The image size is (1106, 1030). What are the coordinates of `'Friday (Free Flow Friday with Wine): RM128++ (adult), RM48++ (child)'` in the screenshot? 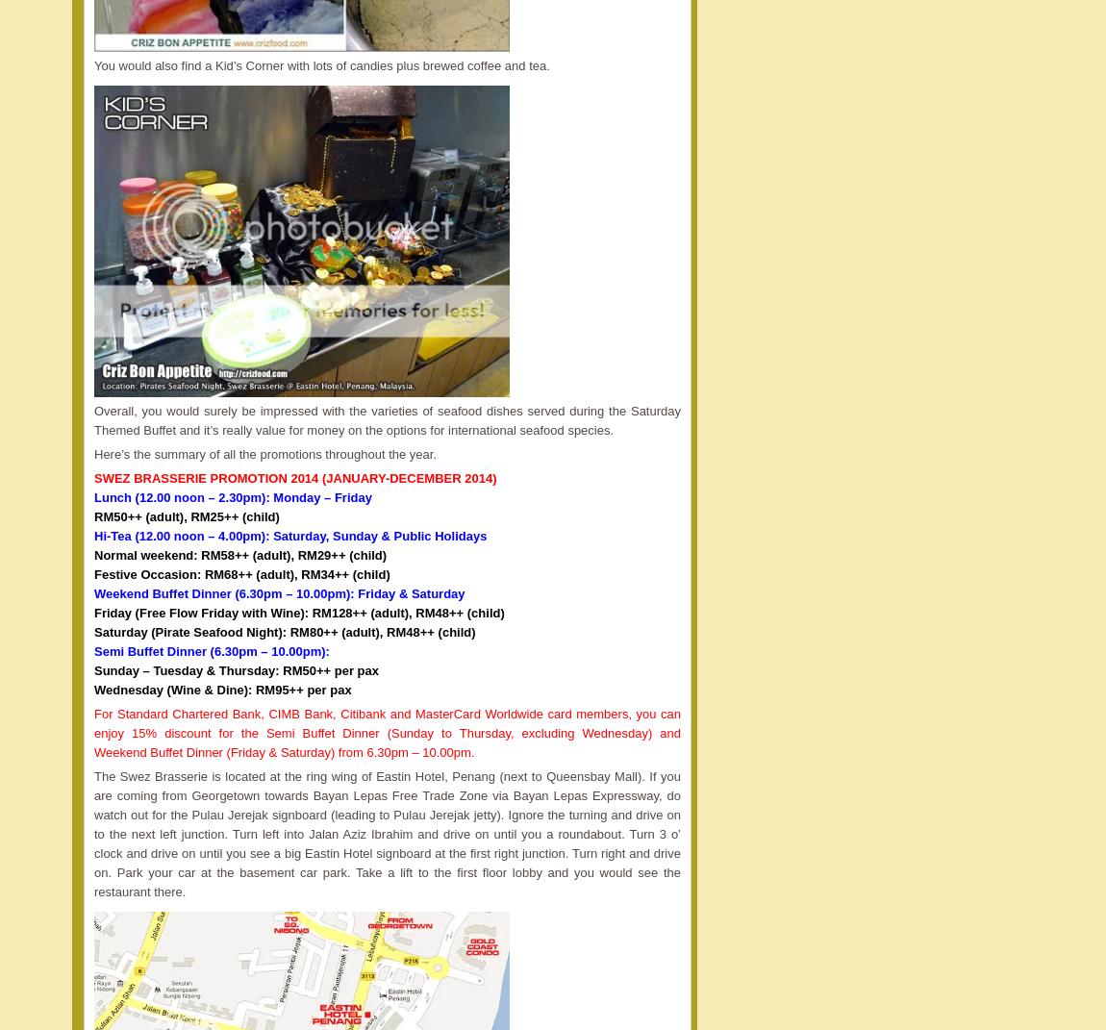 It's located at (298, 612).